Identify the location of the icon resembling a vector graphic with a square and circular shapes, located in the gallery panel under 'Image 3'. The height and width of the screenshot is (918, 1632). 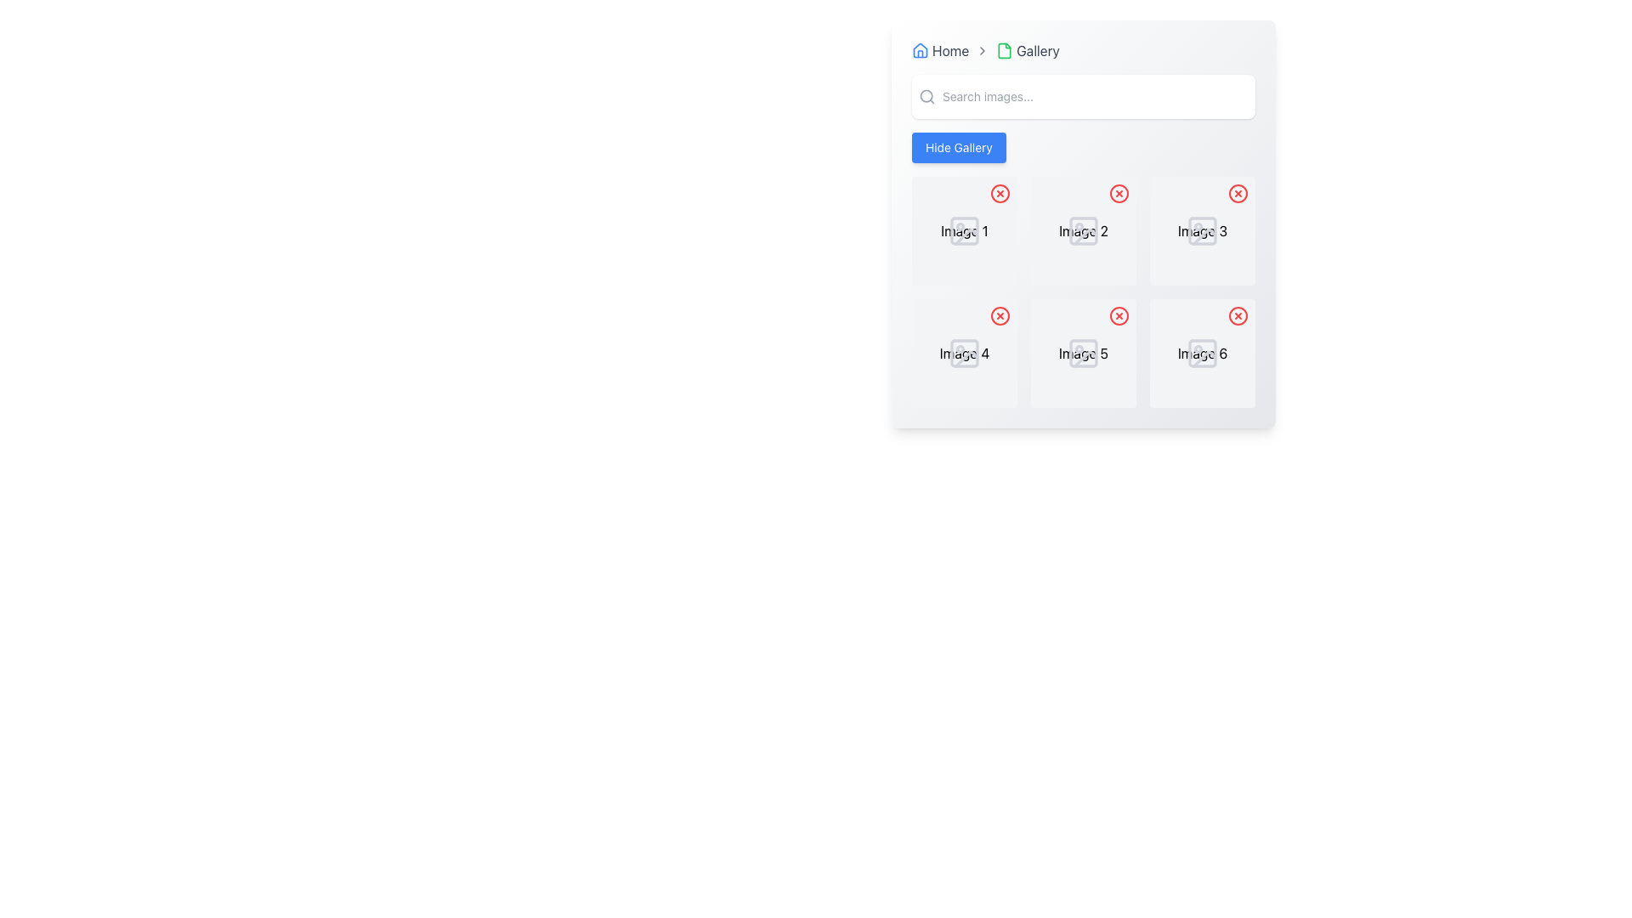
(1202, 231).